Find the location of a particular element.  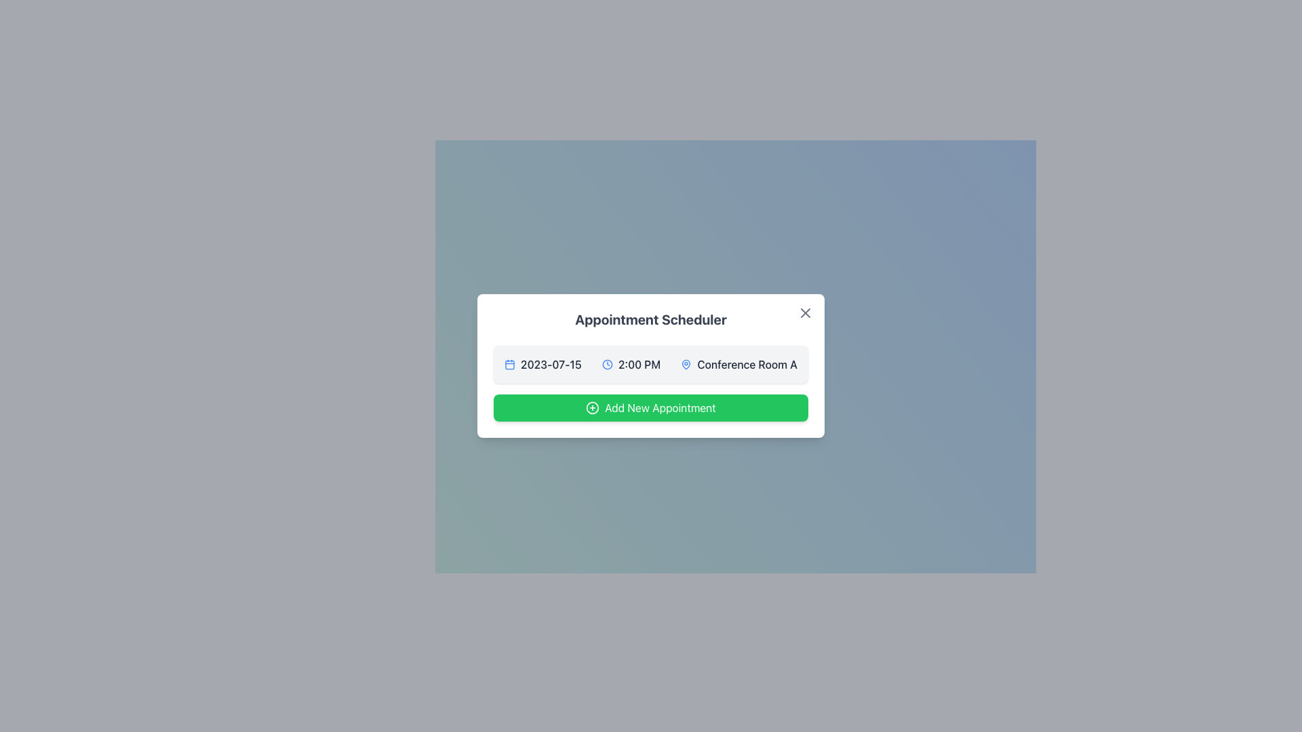

the circular outline icon inside the 'Add New Appointment' button, which is visualized with a green stroke and a cross symbol is located at coordinates (593, 407).